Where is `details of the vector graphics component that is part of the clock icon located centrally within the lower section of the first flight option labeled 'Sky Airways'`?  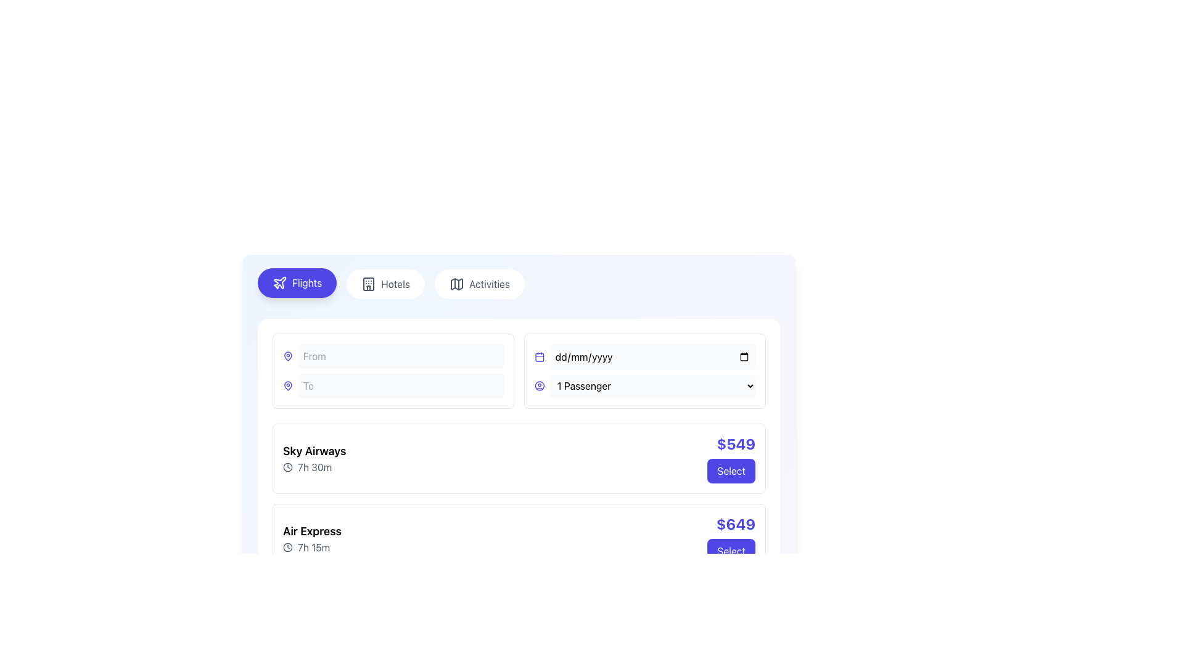 details of the vector graphics component that is part of the clock icon located centrally within the lower section of the first flight option labeled 'Sky Airways' is located at coordinates (307, 459).